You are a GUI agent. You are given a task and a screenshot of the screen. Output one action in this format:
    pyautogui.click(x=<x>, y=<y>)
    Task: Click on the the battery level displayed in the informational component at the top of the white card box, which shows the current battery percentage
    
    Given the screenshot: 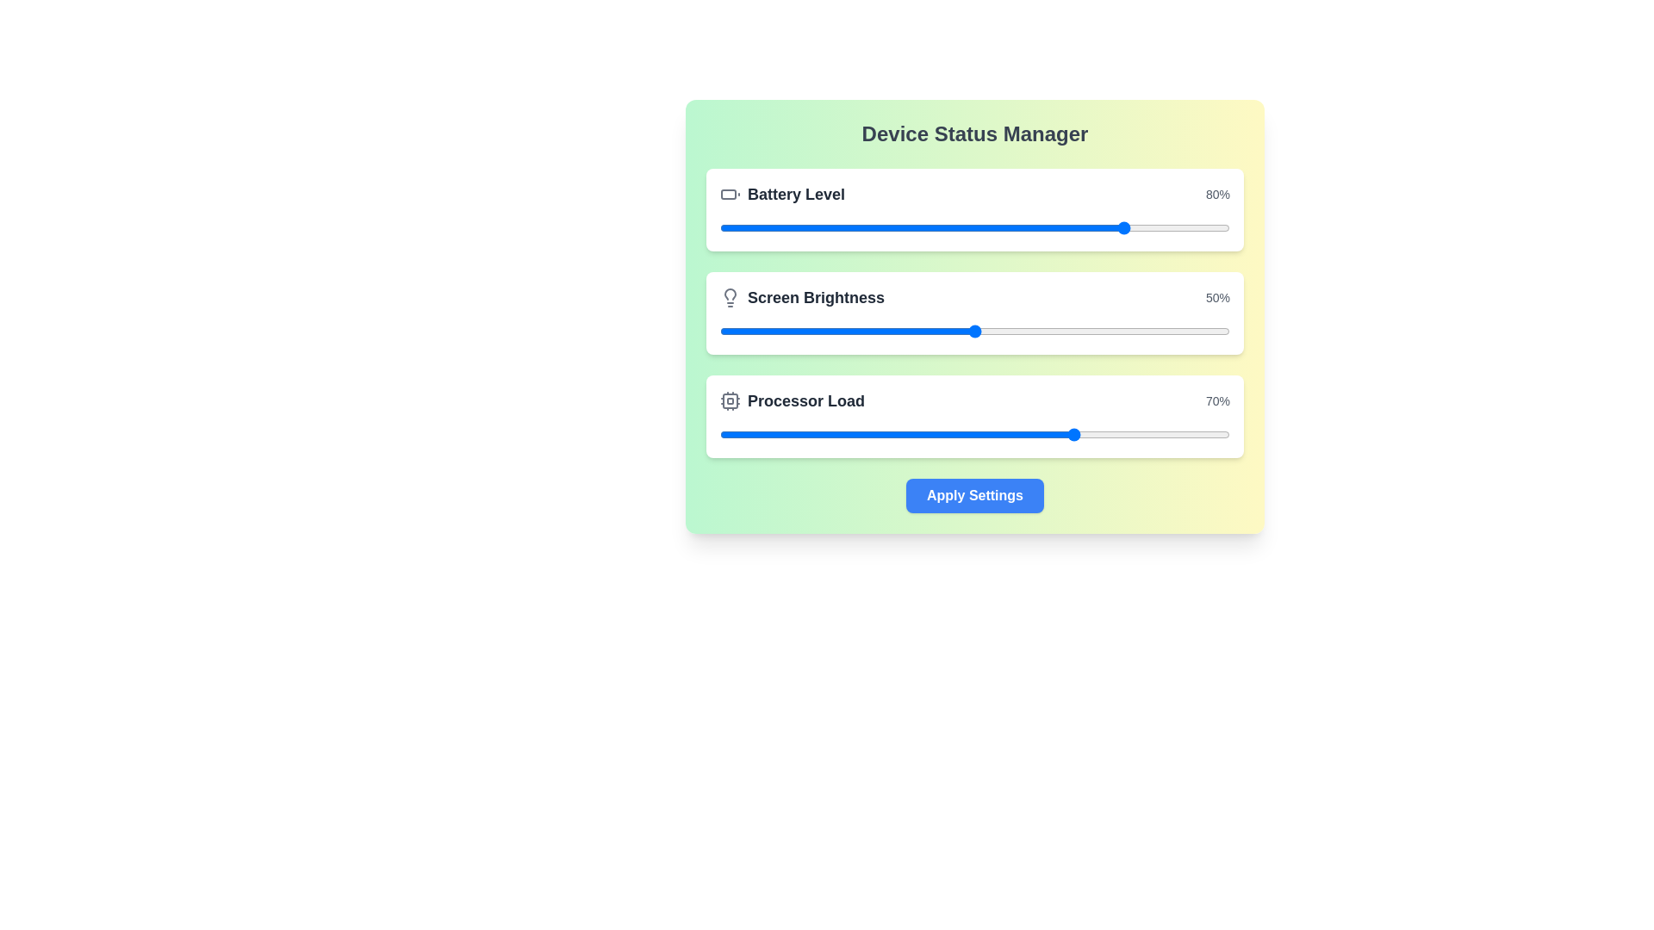 What is the action you would take?
    pyautogui.click(x=975, y=194)
    